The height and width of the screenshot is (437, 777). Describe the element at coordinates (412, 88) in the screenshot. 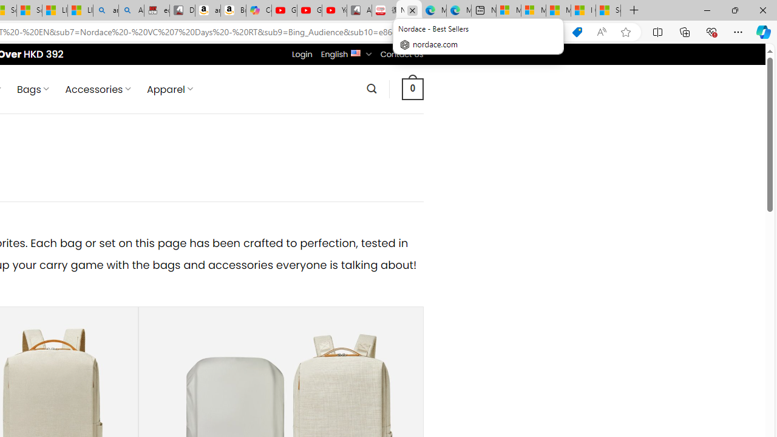

I see `' 0 '` at that location.